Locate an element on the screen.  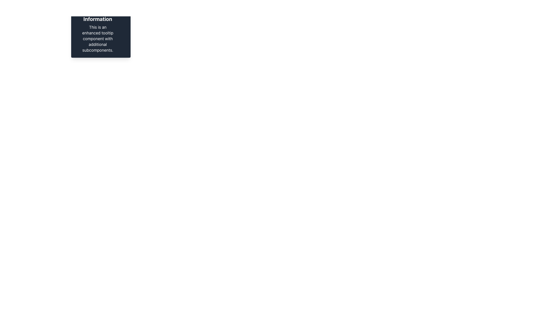
the circular vector graphic within the SVG element that signifies closure or cancellation, located at the top-right corner of the information tooltip box is located at coordinates (123, 10).